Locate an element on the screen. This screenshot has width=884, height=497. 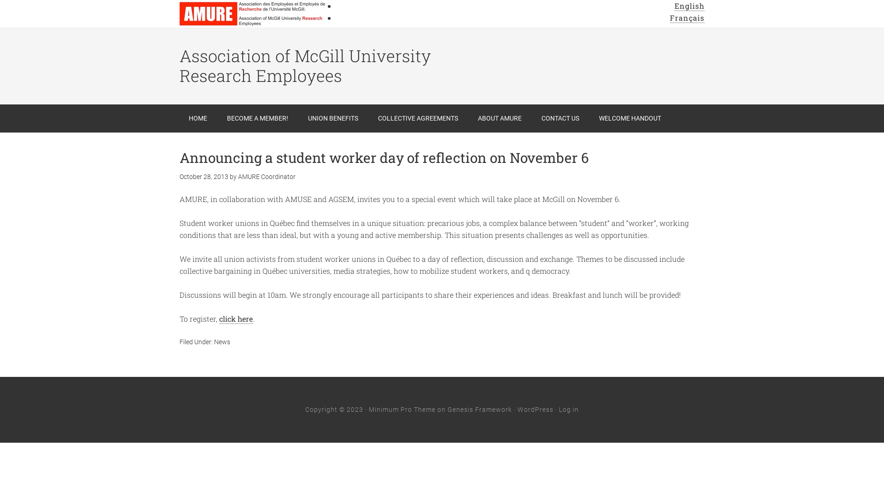
'English' is located at coordinates (689, 6).